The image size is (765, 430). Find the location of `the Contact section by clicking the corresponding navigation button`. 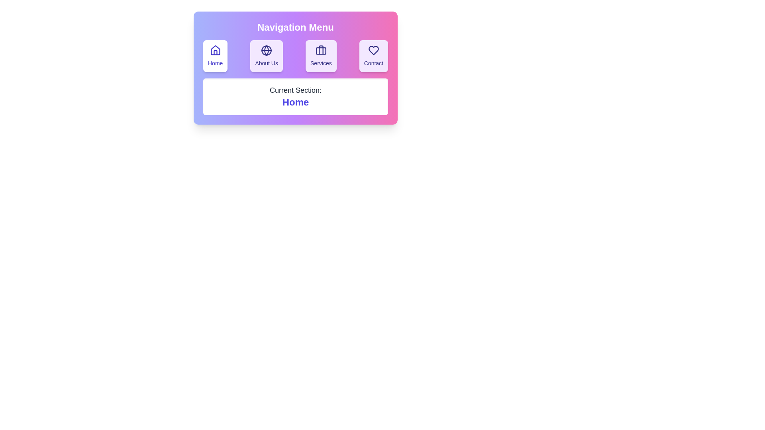

the Contact section by clicking the corresponding navigation button is located at coordinates (373, 56).